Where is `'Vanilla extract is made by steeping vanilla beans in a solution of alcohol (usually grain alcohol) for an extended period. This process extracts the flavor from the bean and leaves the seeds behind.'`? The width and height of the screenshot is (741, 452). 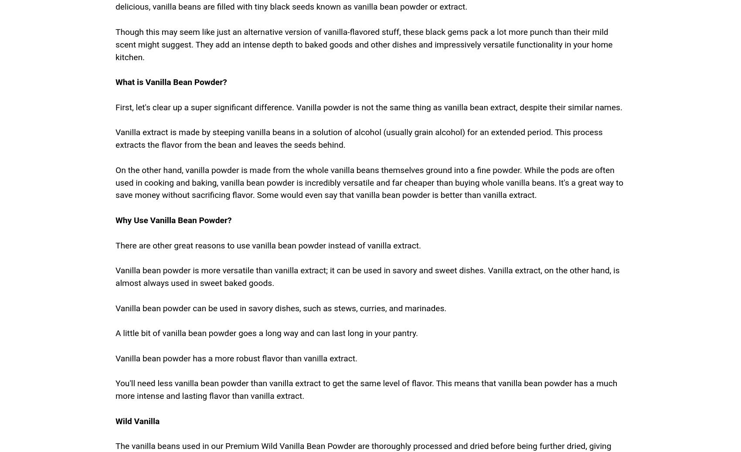 'Vanilla extract is made by steeping vanilla beans in a solution of alcohol (usually grain alcohol) for an extended period. This process extracts the flavor from the bean and leaves the seeds behind.' is located at coordinates (358, 138).